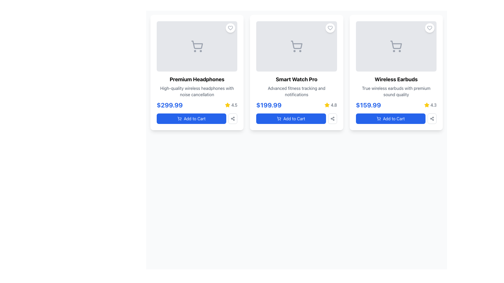  I want to click on the shopping cart graphic in the upper center region of the 'Smart Watch Pro' card for possible interactions, so click(297, 45).